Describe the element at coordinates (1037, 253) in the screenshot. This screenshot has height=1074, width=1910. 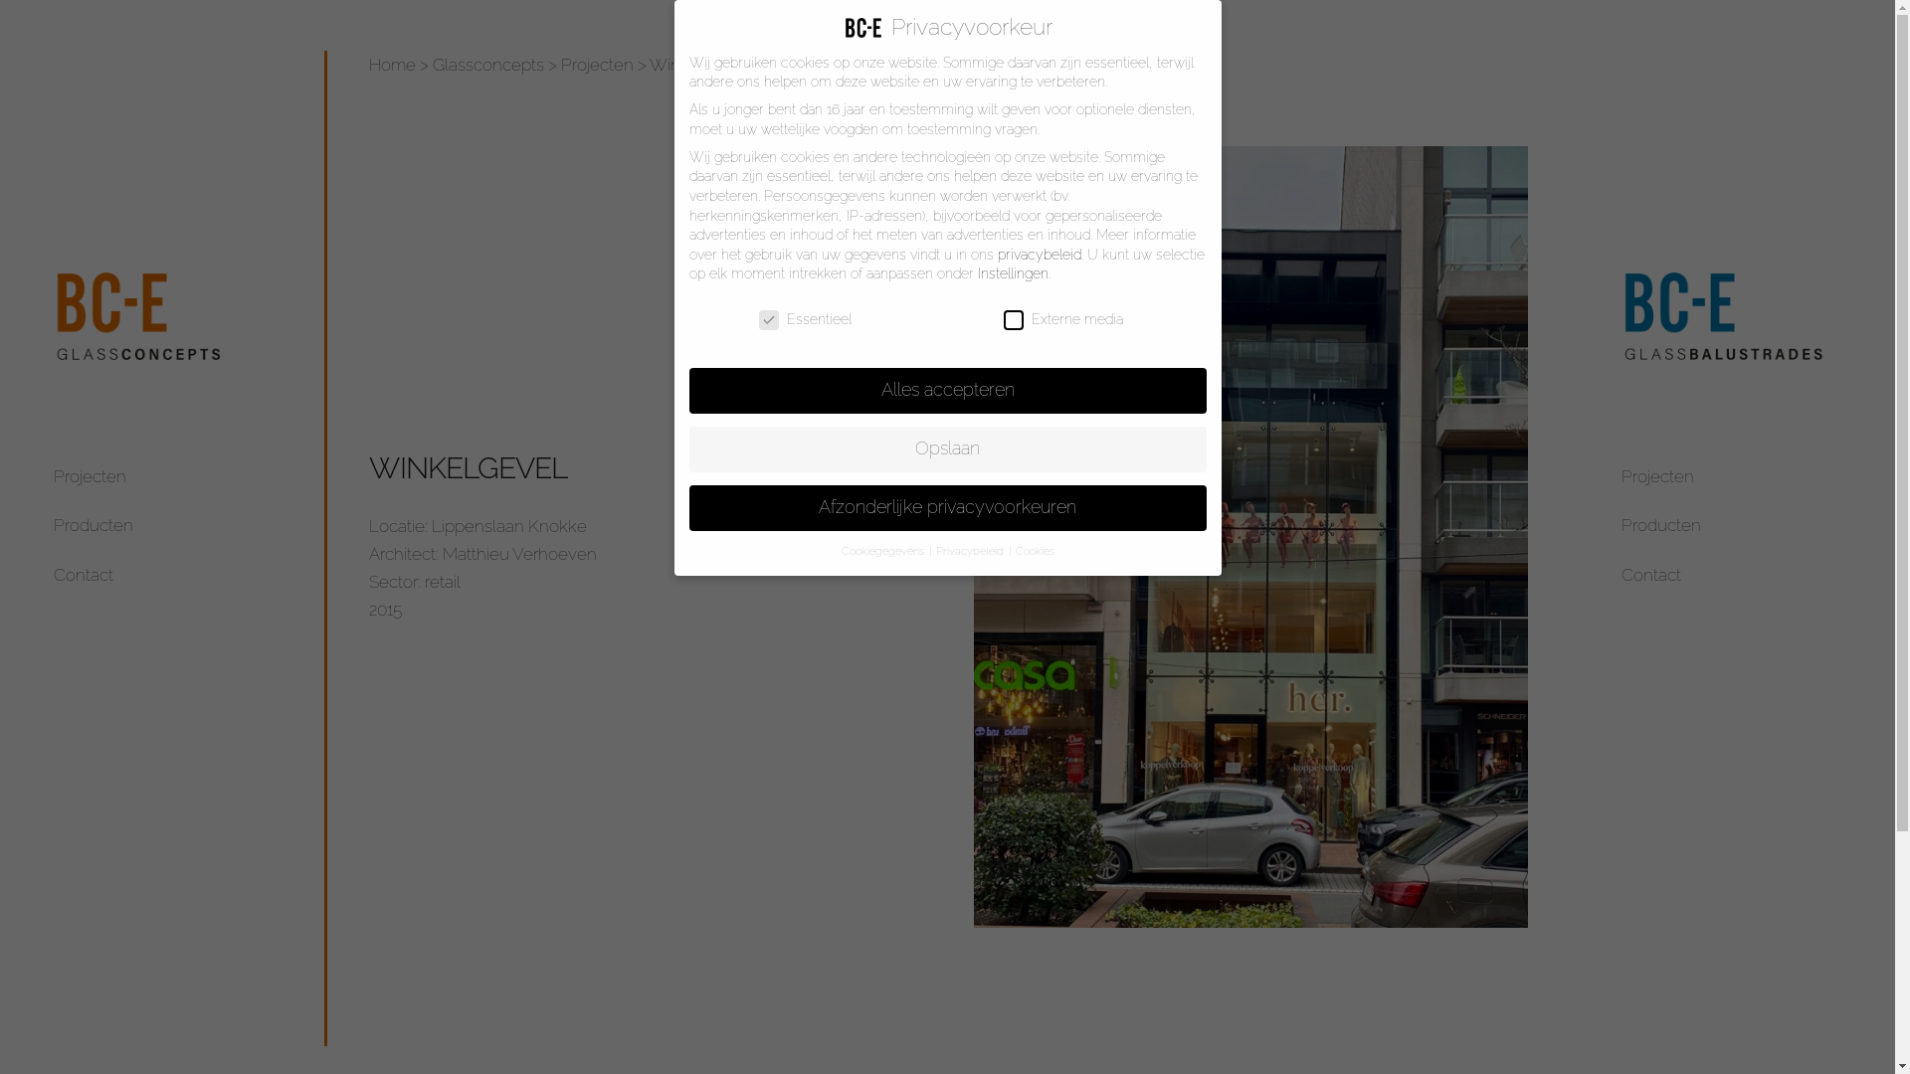
I see `'privacybeleid'` at that location.